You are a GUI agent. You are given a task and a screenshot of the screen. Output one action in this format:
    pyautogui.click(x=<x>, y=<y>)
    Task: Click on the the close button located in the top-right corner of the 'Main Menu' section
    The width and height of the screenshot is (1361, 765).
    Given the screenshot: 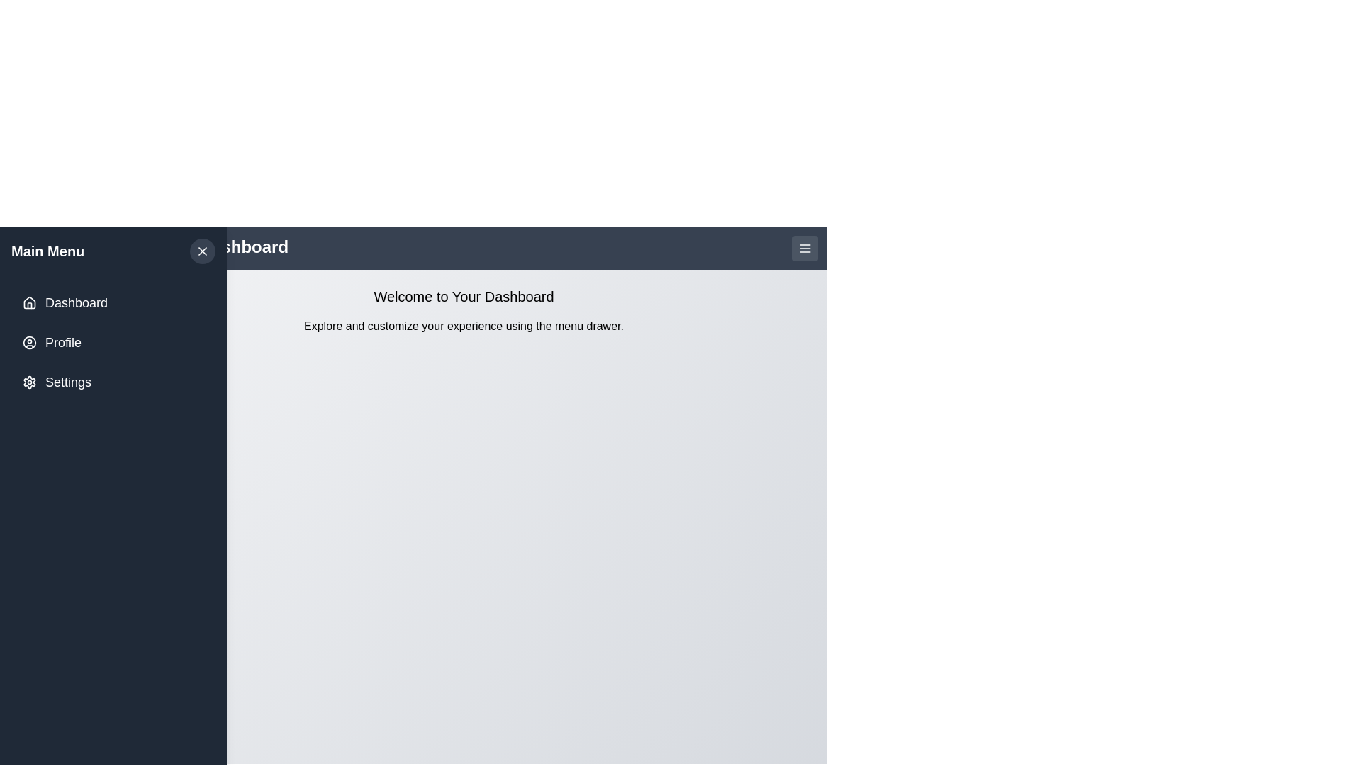 What is the action you would take?
    pyautogui.click(x=202, y=250)
    